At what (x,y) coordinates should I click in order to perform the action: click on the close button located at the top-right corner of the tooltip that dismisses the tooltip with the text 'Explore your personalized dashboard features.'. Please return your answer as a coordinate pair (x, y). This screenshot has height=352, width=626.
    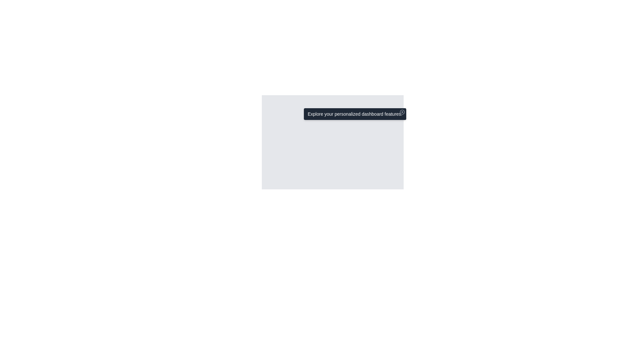
    Looking at the image, I should click on (402, 111).